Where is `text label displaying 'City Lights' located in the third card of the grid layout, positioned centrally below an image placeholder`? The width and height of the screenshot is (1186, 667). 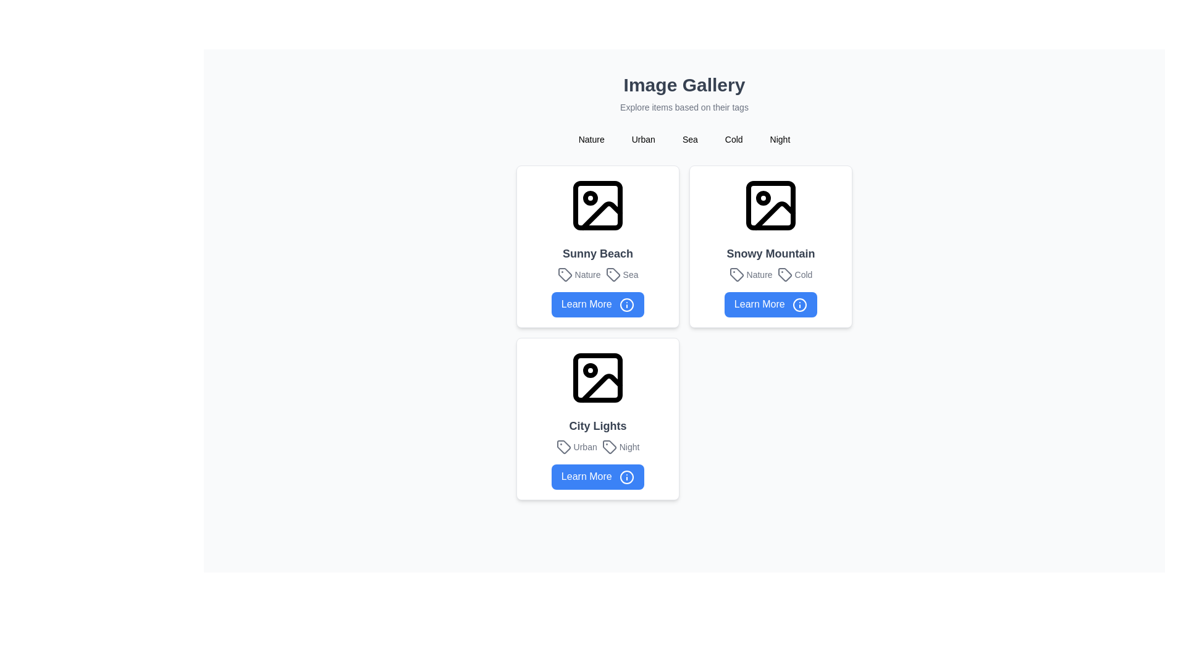 text label displaying 'City Lights' located in the third card of the grid layout, positioned centrally below an image placeholder is located at coordinates (598, 425).